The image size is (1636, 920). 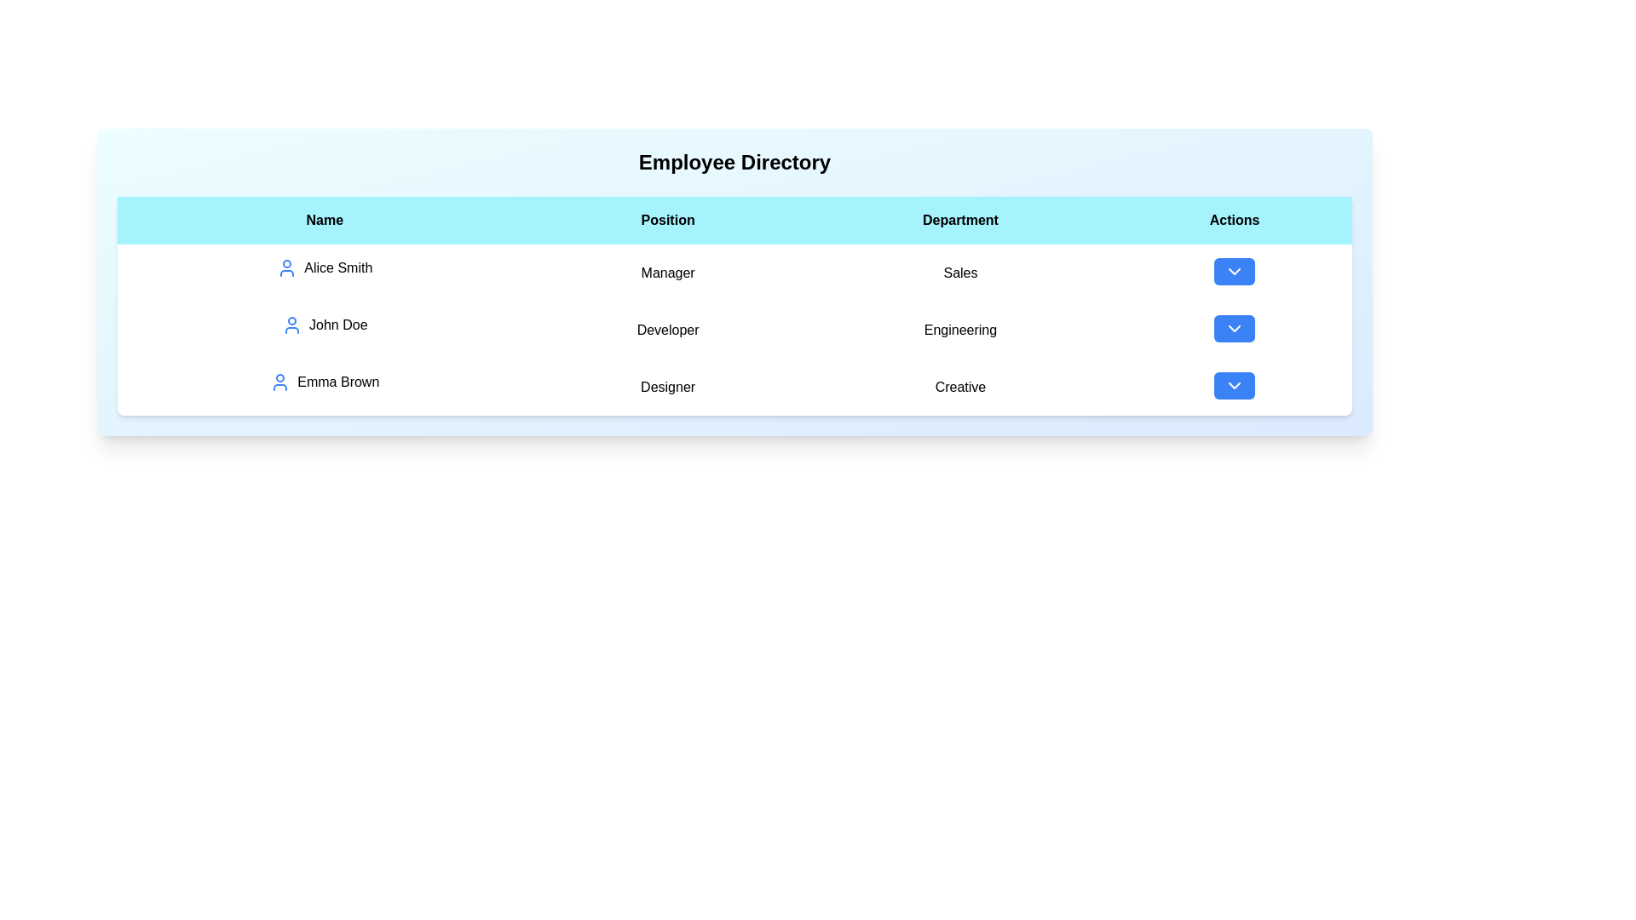 I want to click on the user avatar icon depicted as a circular head above an arc representing shoulders with blue color, located to the left of the text 'John Doe' in the employee directory table, so click(x=292, y=325).